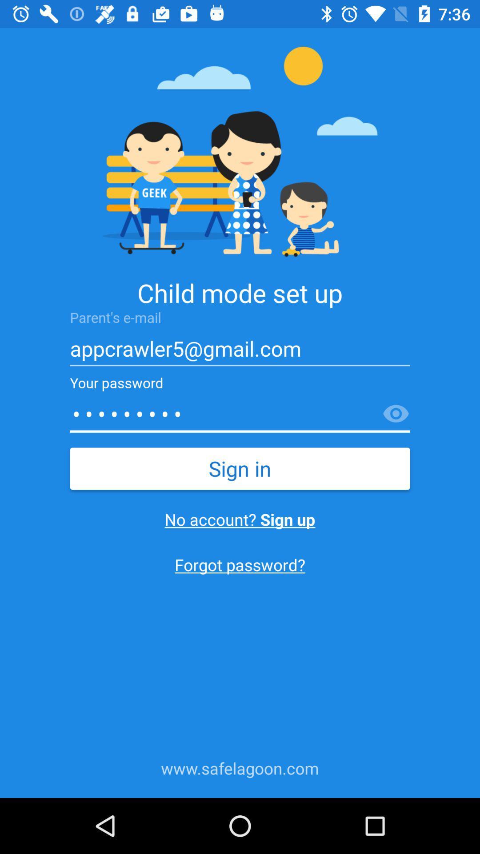  What do you see at coordinates (396, 414) in the screenshot?
I see `show password` at bounding box center [396, 414].